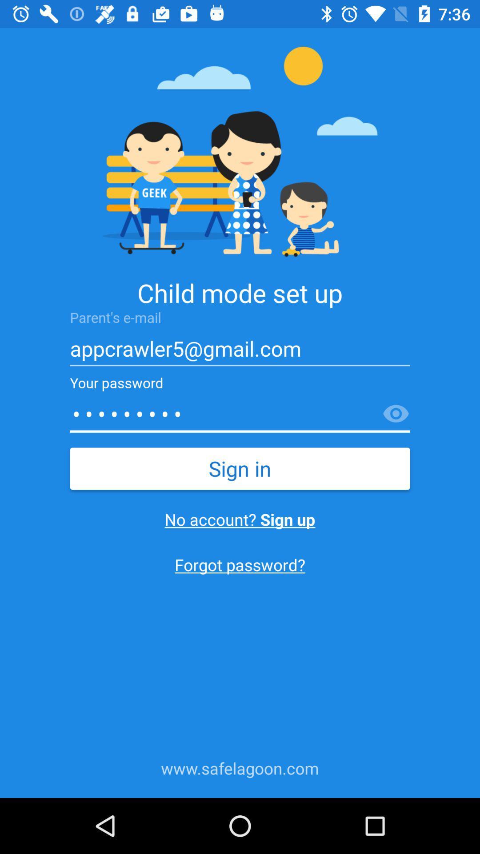  What do you see at coordinates (396, 414) in the screenshot?
I see `show password` at bounding box center [396, 414].